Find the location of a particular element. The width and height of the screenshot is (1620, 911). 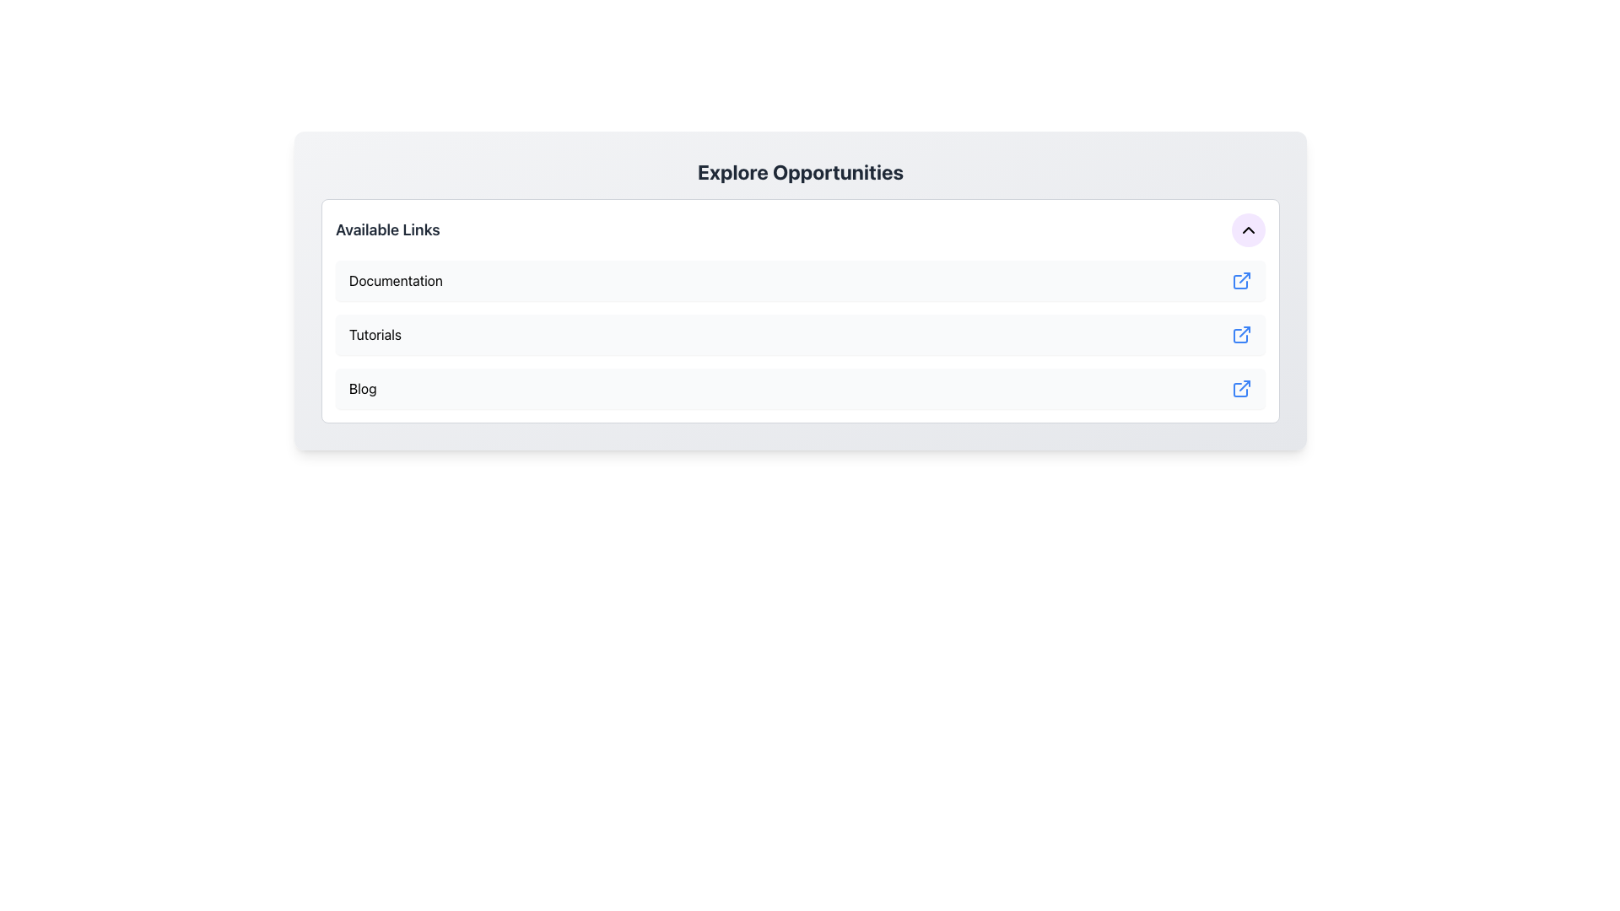

the second external link icon associated with the 'Tutorials' option is located at coordinates (1240, 336).